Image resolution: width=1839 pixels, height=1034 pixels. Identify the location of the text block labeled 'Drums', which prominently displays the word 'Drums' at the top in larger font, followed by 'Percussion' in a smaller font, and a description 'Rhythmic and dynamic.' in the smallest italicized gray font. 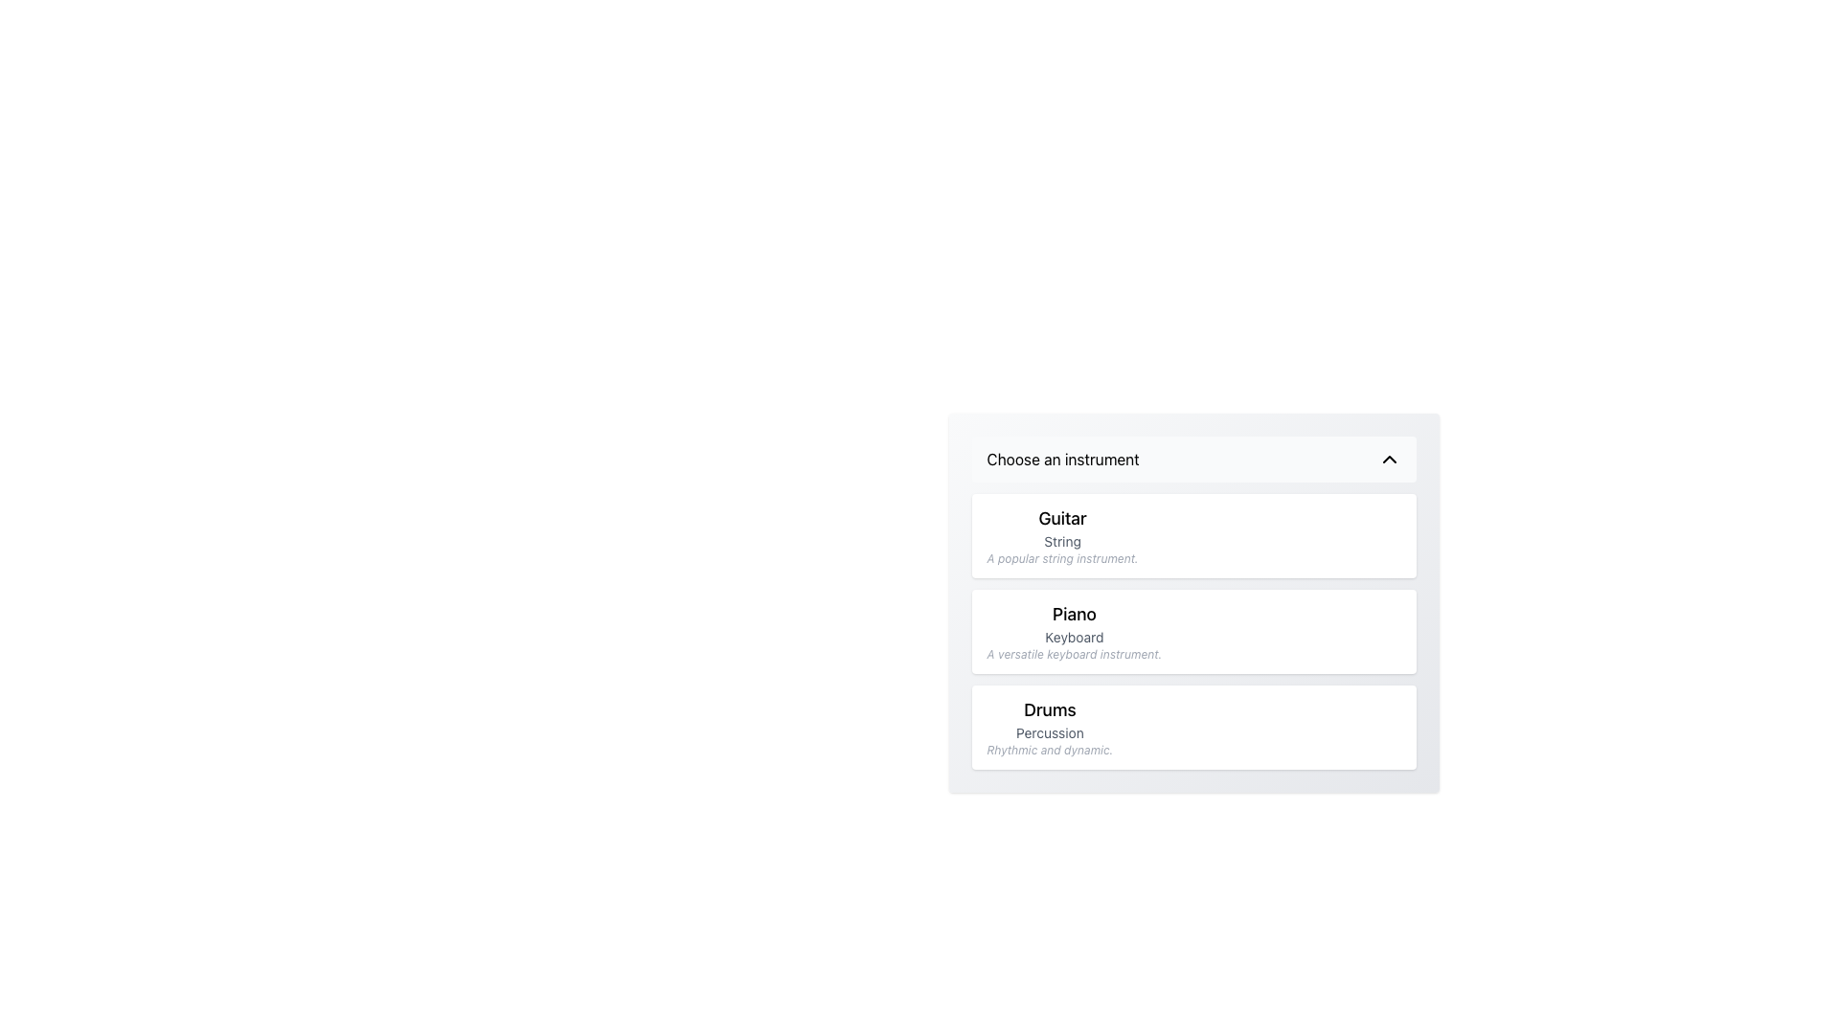
(1049, 727).